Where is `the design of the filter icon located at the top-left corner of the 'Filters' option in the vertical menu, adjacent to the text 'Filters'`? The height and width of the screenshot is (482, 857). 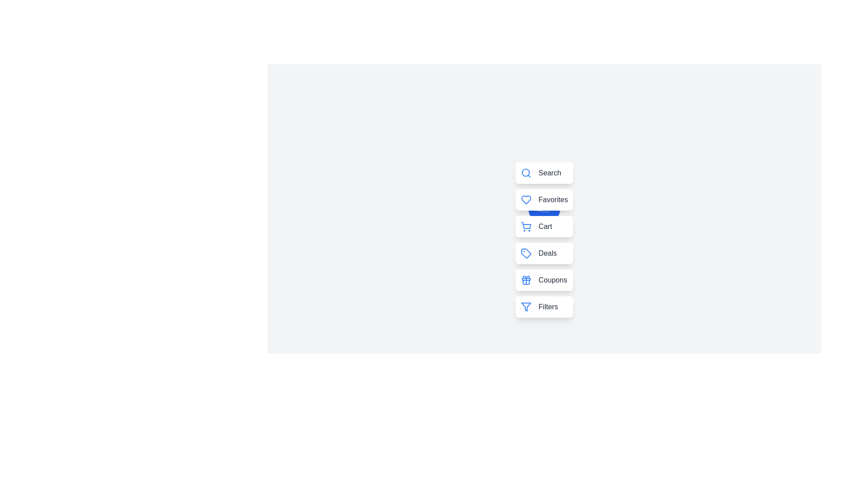 the design of the filter icon located at the top-left corner of the 'Filters' option in the vertical menu, adjacent to the text 'Filters' is located at coordinates (526, 306).